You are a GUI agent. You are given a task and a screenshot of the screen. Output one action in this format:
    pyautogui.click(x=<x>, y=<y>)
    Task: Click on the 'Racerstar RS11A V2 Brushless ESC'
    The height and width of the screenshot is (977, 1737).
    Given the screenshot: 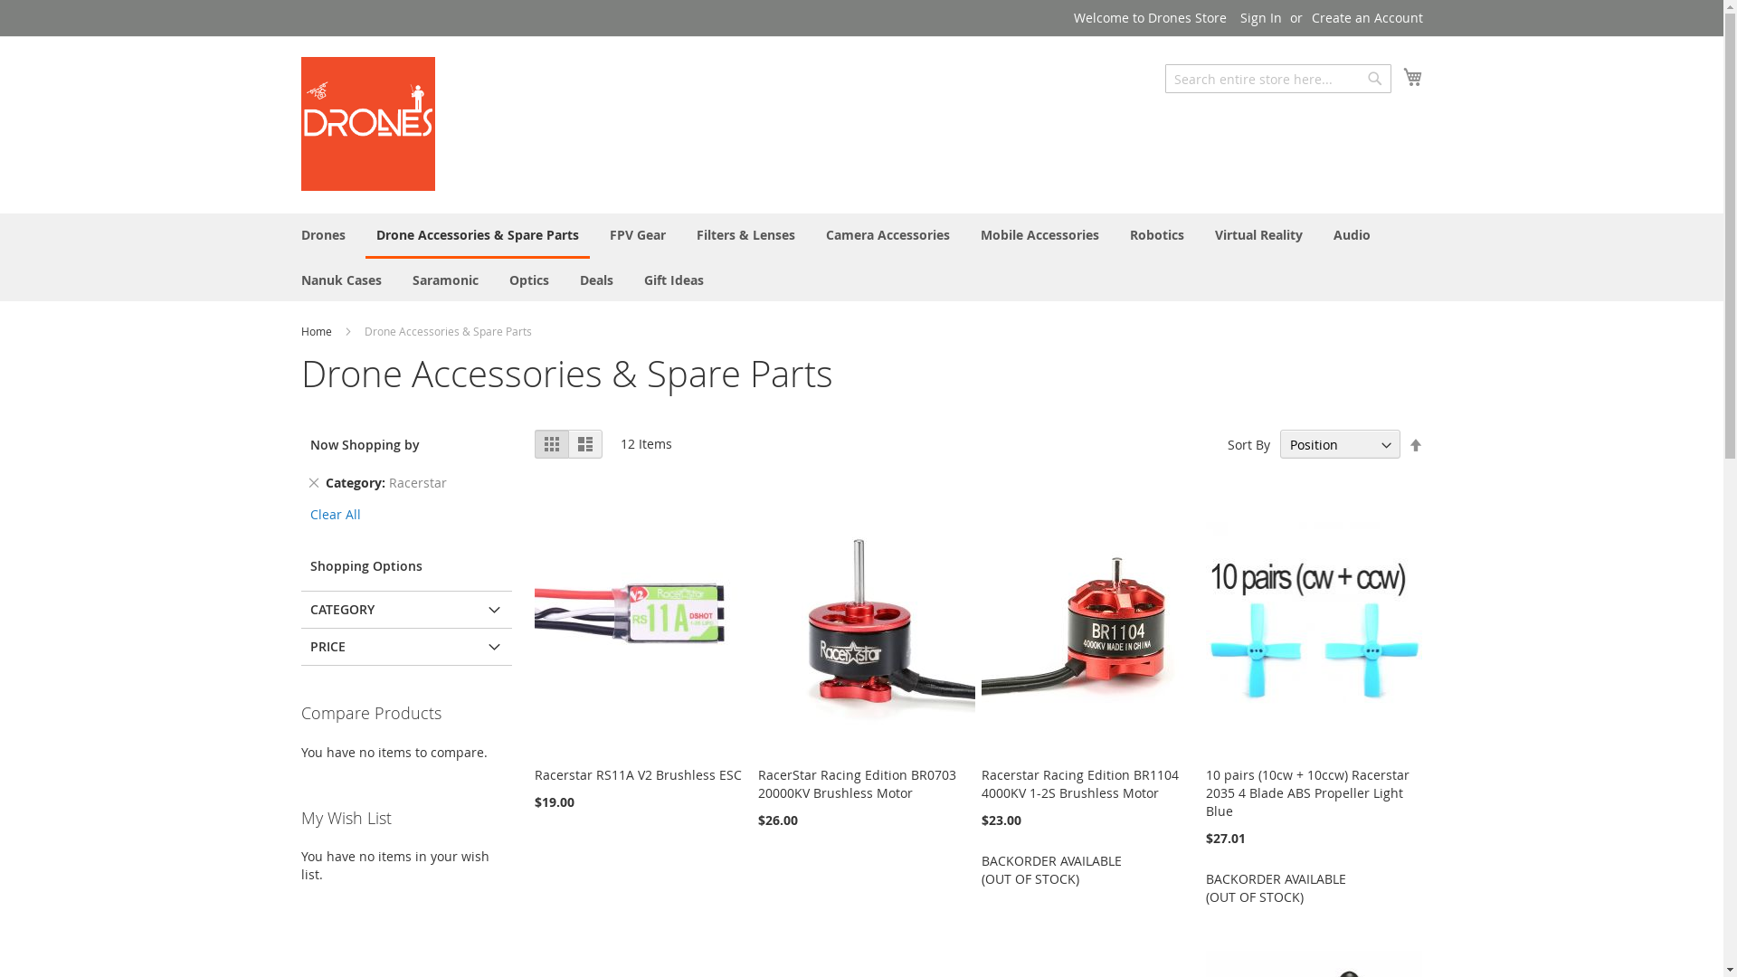 What is the action you would take?
    pyautogui.click(x=638, y=773)
    